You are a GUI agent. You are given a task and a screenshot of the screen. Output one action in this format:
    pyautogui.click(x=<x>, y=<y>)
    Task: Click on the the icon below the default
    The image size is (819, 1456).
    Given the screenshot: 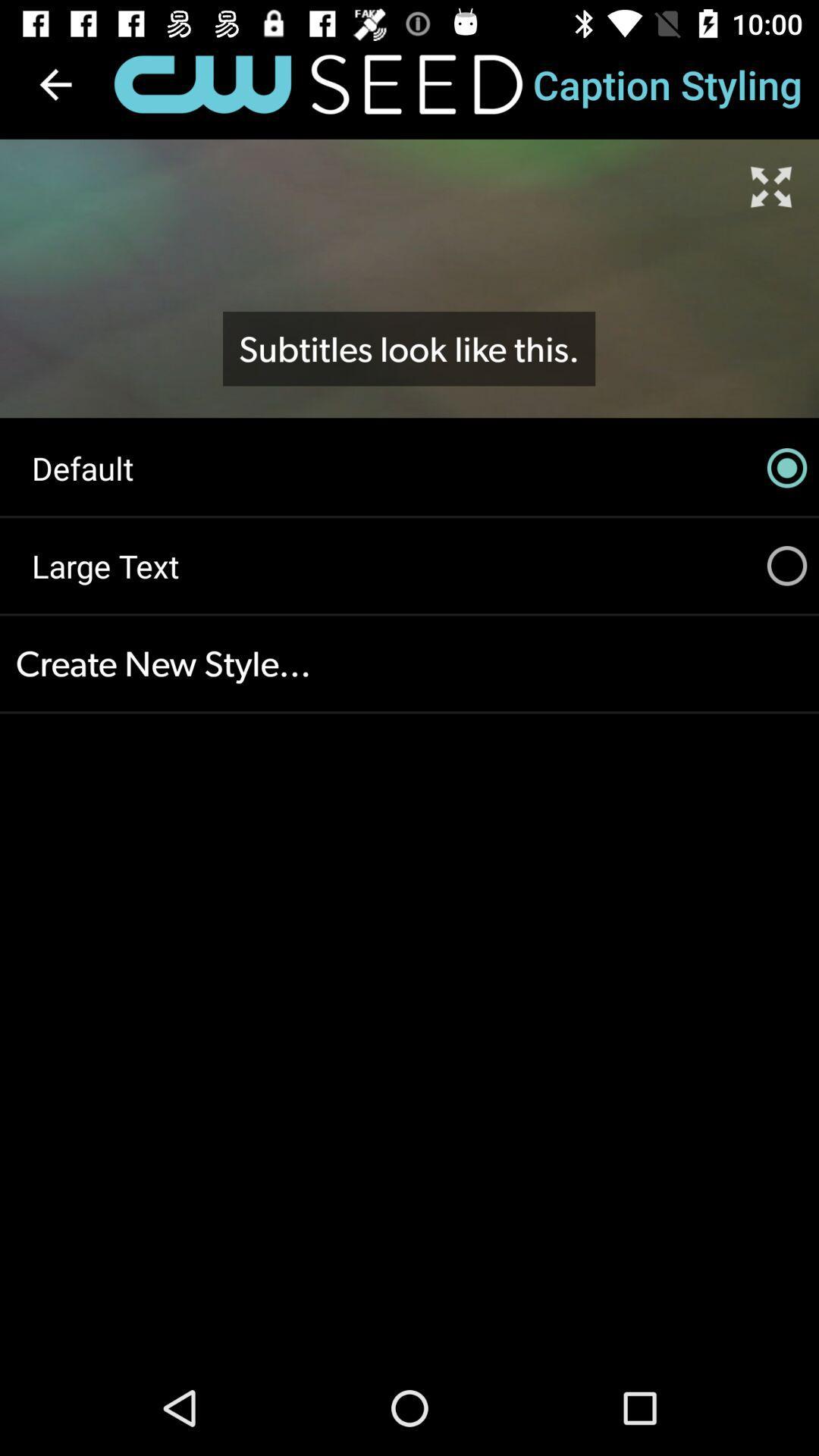 What is the action you would take?
    pyautogui.click(x=409, y=565)
    